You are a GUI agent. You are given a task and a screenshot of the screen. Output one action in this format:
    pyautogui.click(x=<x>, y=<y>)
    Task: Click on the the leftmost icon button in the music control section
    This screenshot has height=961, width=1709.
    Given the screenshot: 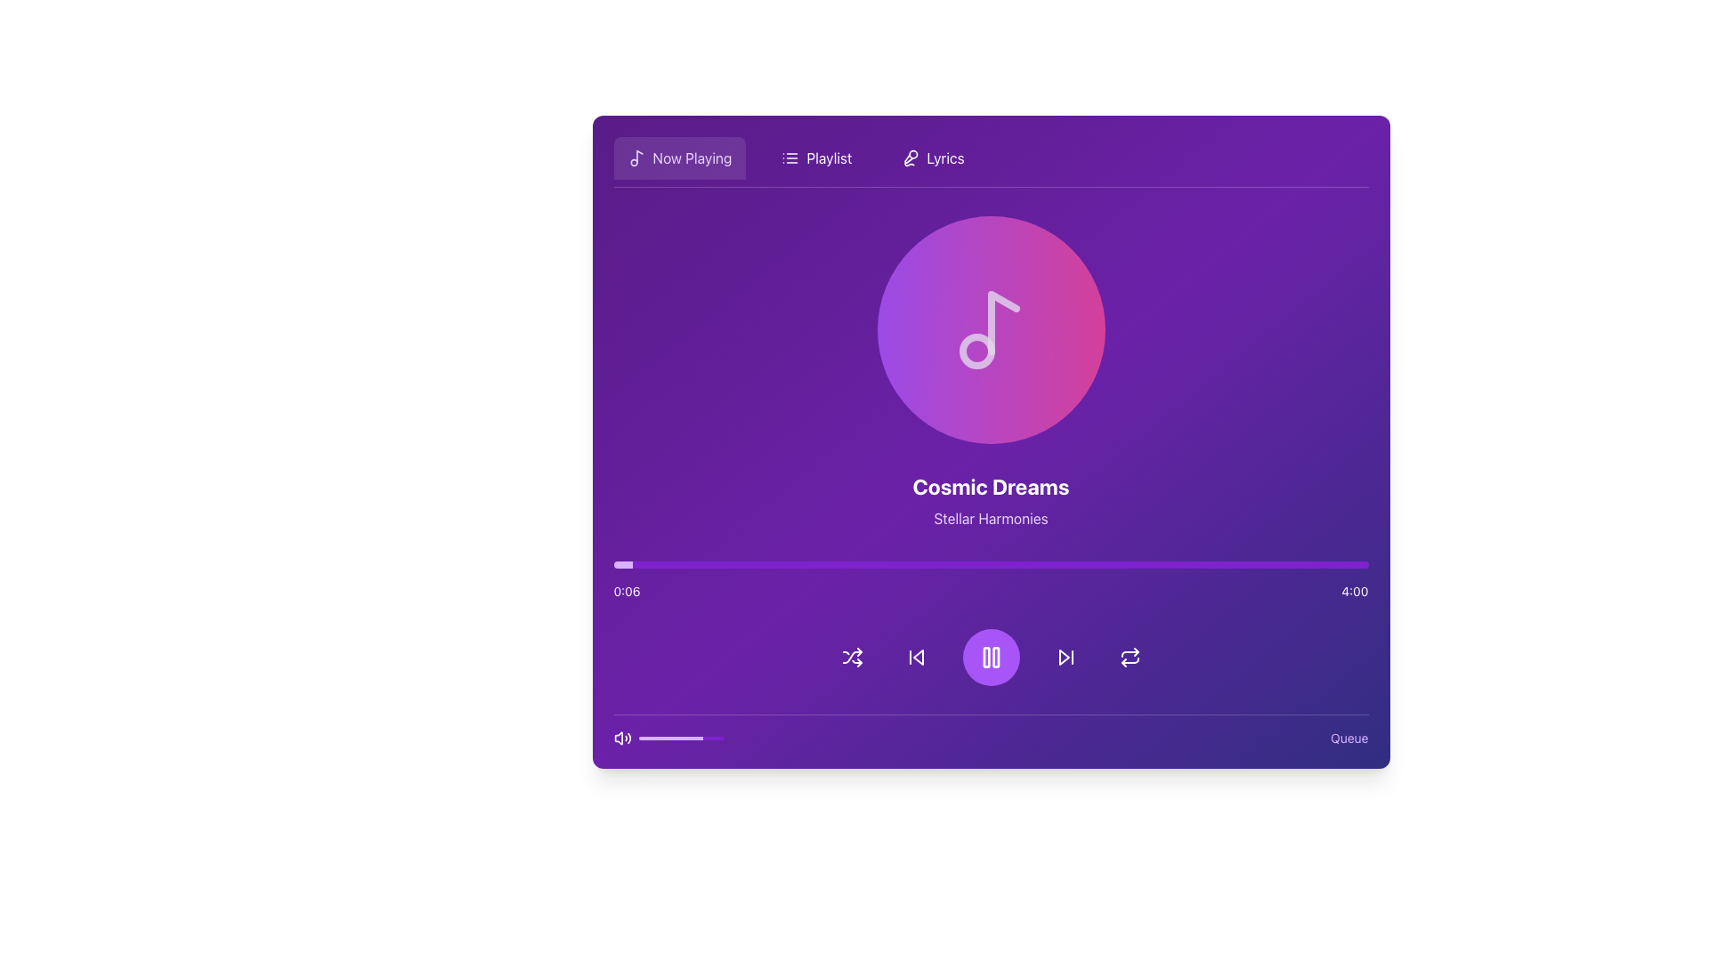 What is the action you would take?
    pyautogui.click(x=851, y=658)
    